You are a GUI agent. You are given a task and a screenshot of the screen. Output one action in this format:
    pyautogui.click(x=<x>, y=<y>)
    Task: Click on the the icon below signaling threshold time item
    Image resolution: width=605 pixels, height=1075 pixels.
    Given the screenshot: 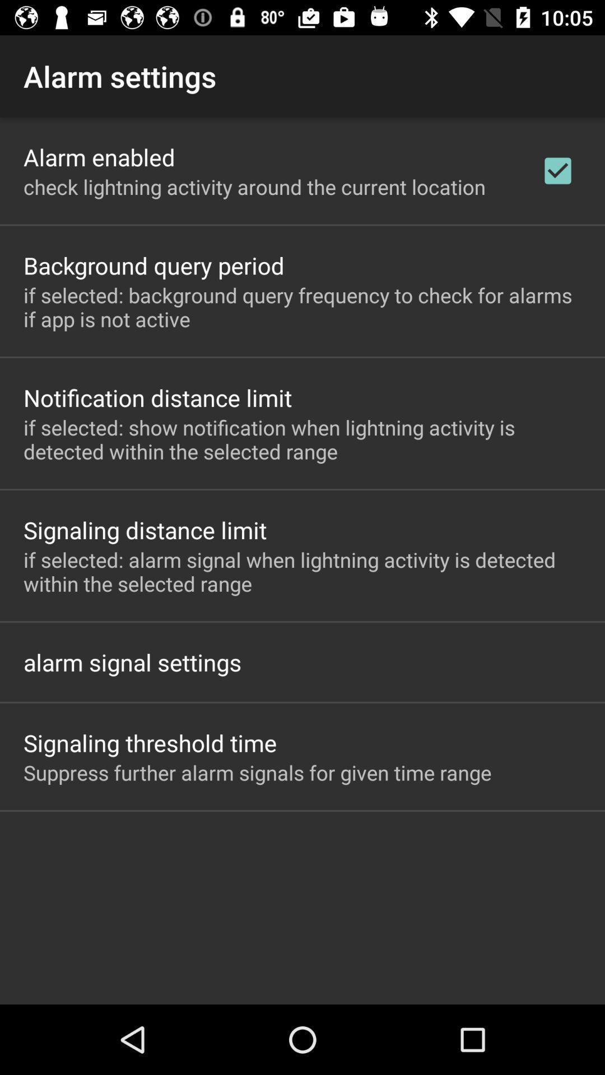 What is the action you would take?
    pyautogui.click(x=257, y=772)
    